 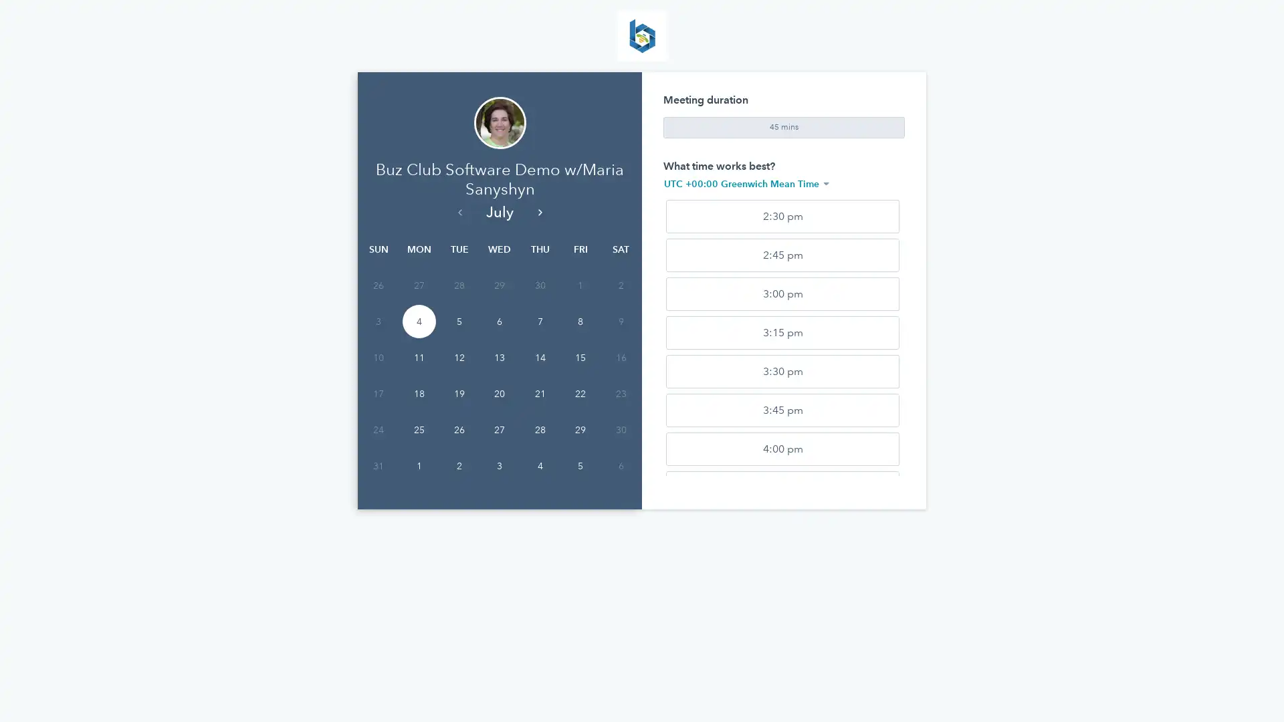 I want to click on June 26th, so click(x=378, y=285).